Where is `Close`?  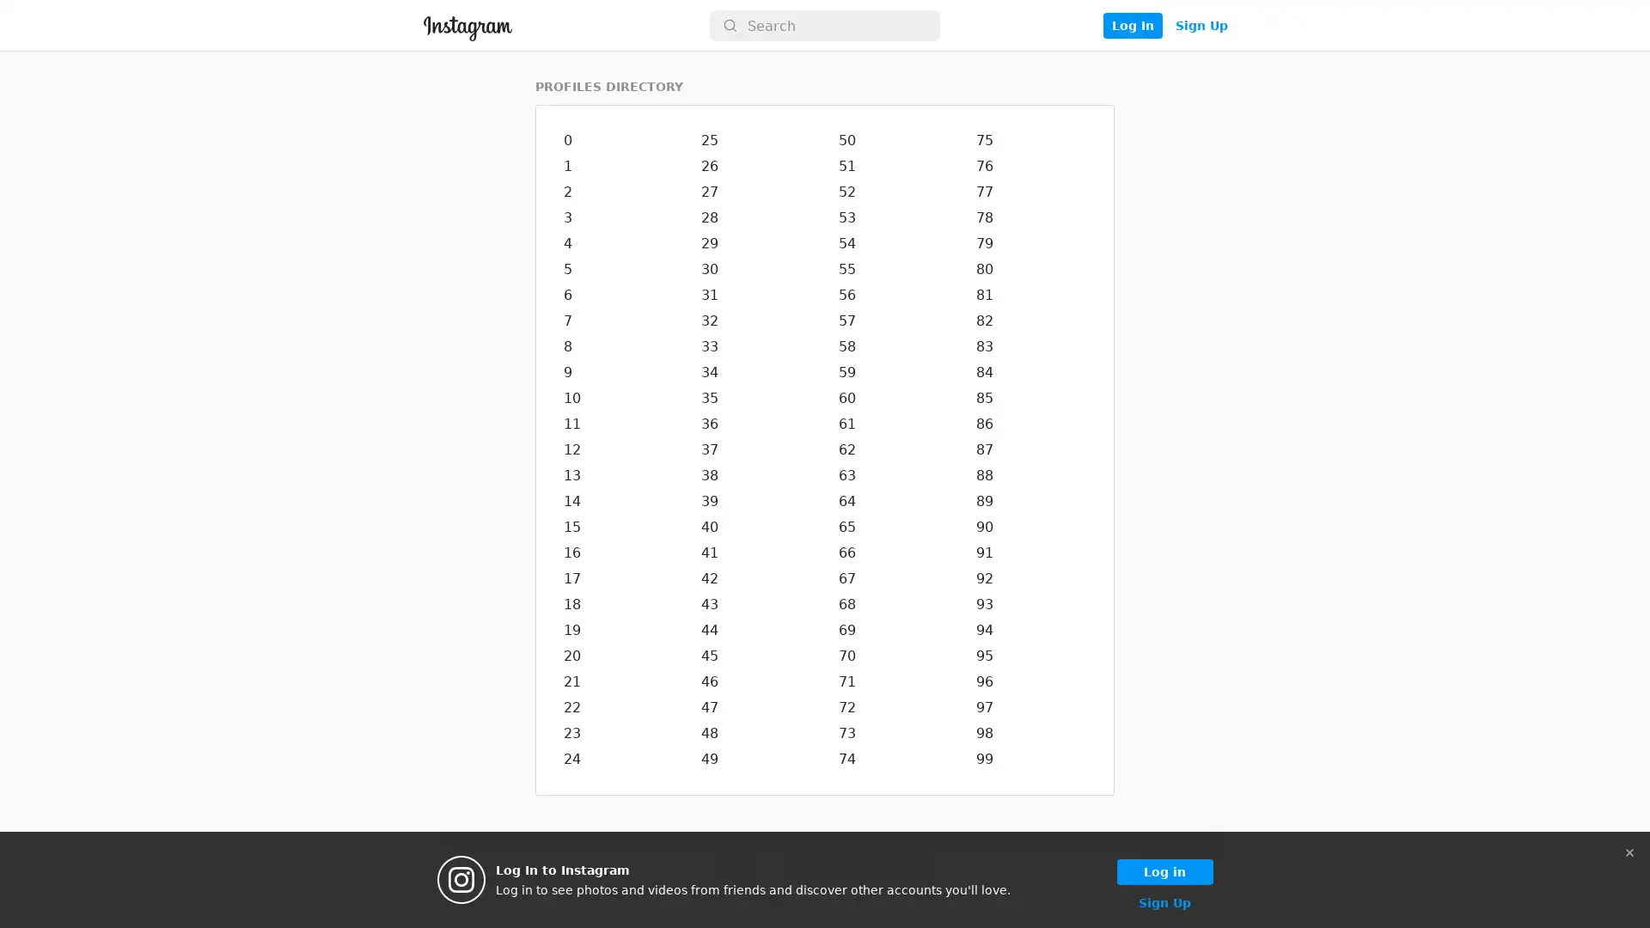 Close is located at coordinates (1629, 852).